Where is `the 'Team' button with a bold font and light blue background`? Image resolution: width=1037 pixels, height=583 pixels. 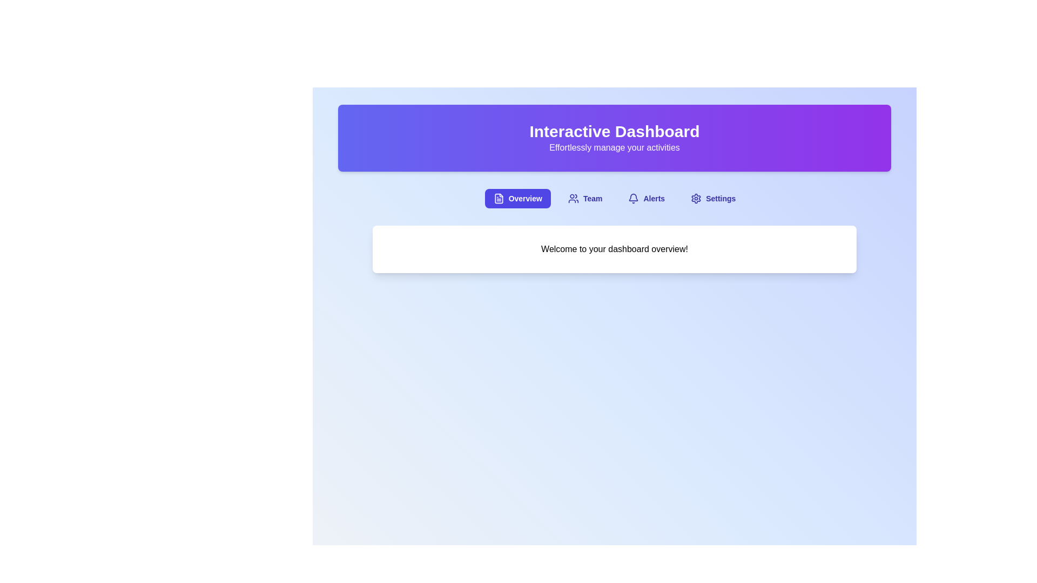 the 'Team' button with a bold font and light blue background is located at coordinates (584, 198).